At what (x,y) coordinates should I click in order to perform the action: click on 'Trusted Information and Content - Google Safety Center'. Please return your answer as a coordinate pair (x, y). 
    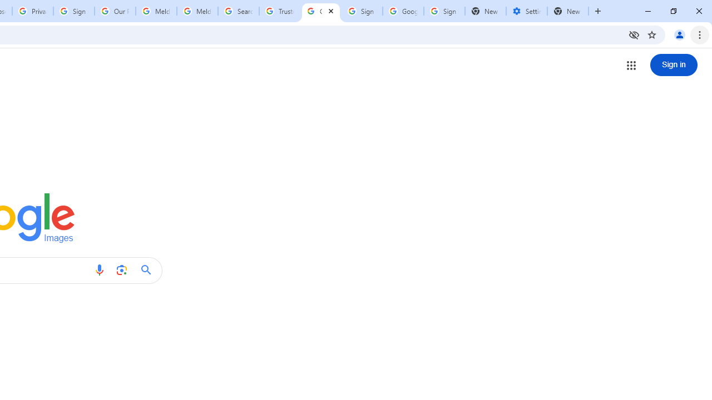
    Looking at the image, I should click on (280, 11).